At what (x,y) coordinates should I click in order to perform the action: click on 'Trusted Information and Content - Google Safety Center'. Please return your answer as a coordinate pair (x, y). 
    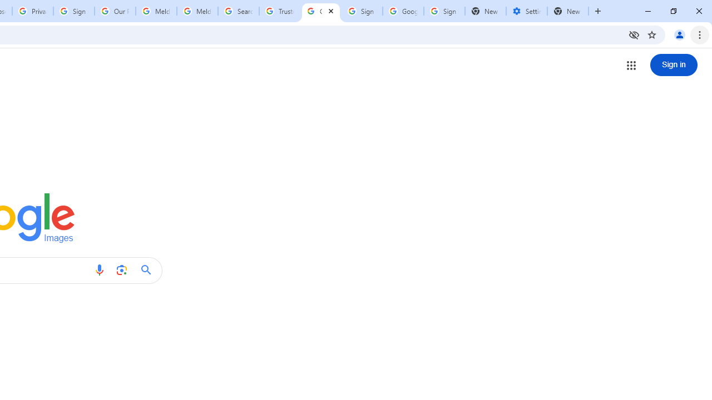
    Looking at the image, I should click on (280, 11).